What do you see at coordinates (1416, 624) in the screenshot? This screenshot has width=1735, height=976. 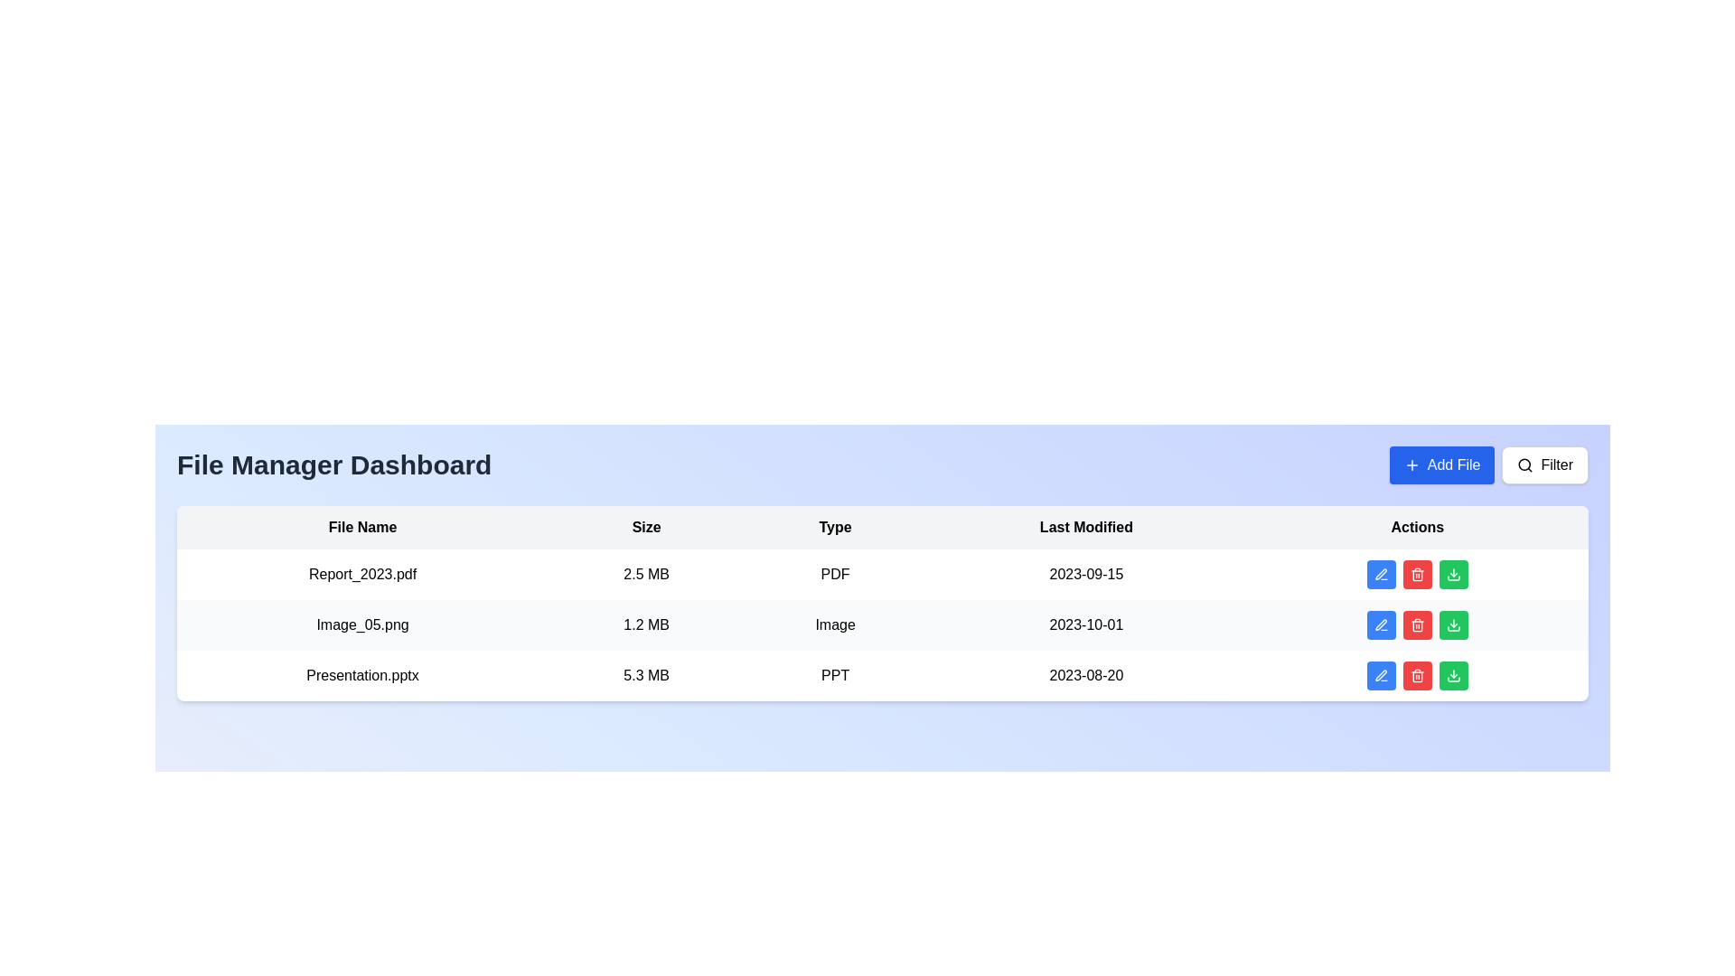 I see `the red trash bin icon button in the 'Actions' column of the second row` at bounding box center [1416, 624].